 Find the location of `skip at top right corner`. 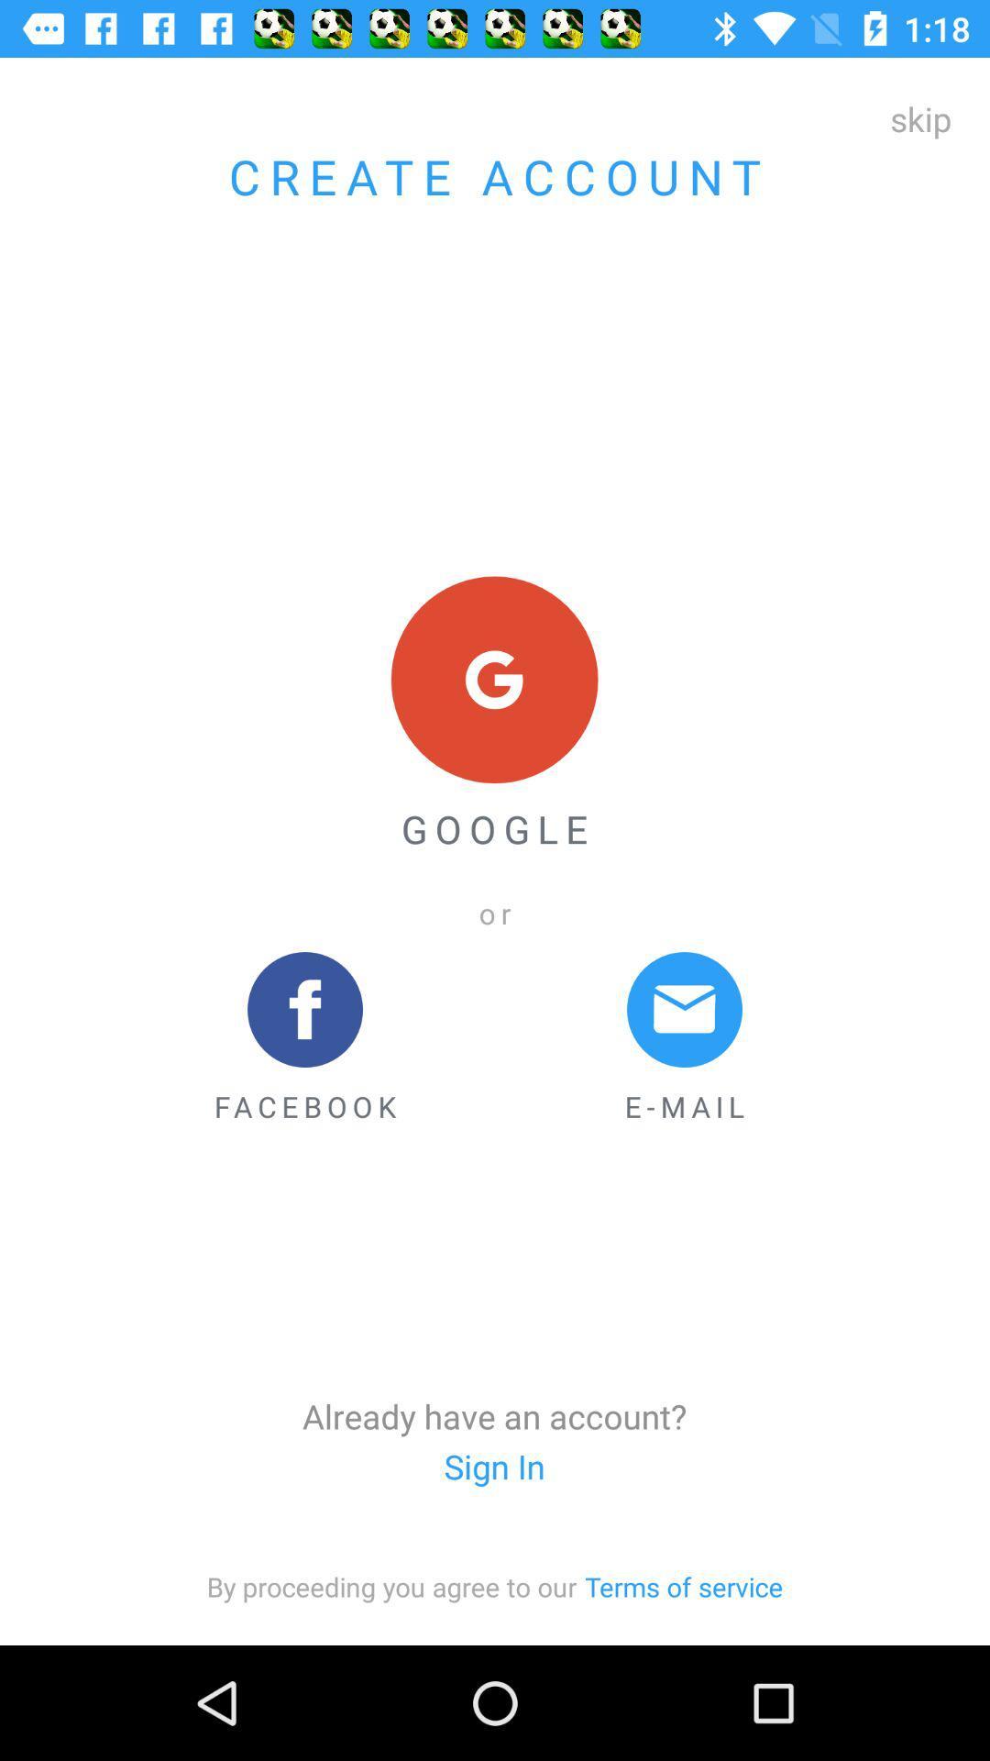

skip at top right corner is located at coordinates (920, 117).